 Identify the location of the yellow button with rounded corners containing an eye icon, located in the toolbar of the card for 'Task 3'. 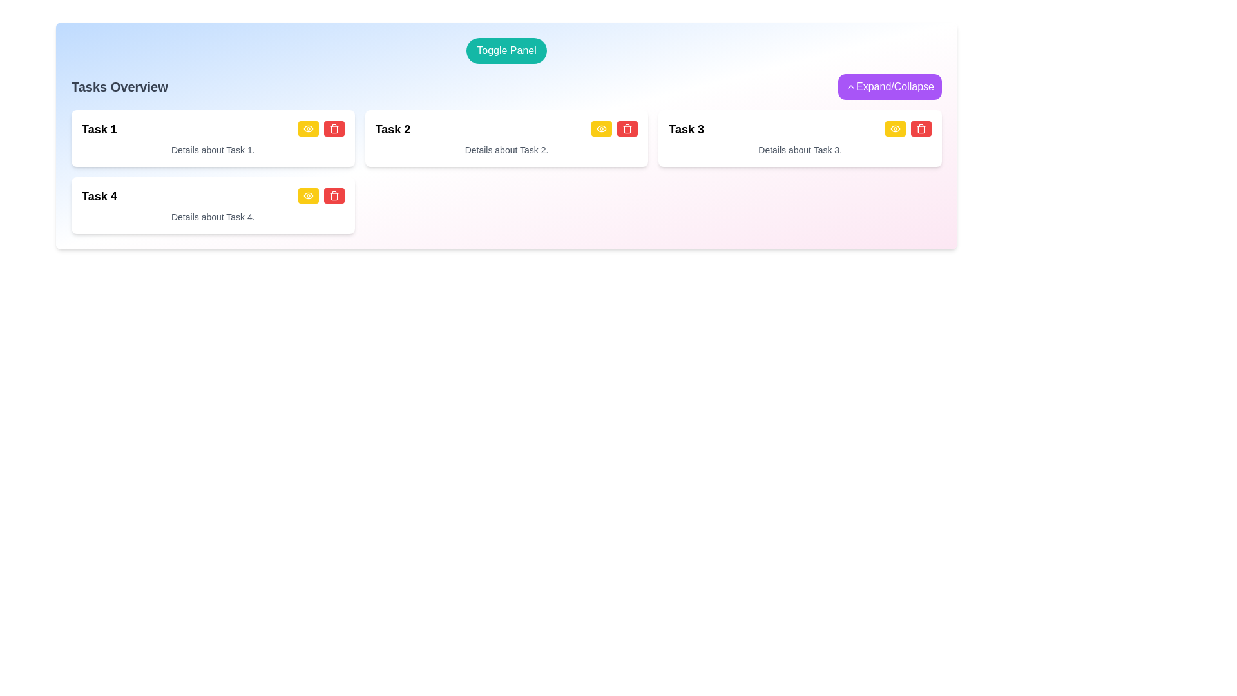
(894, 128).